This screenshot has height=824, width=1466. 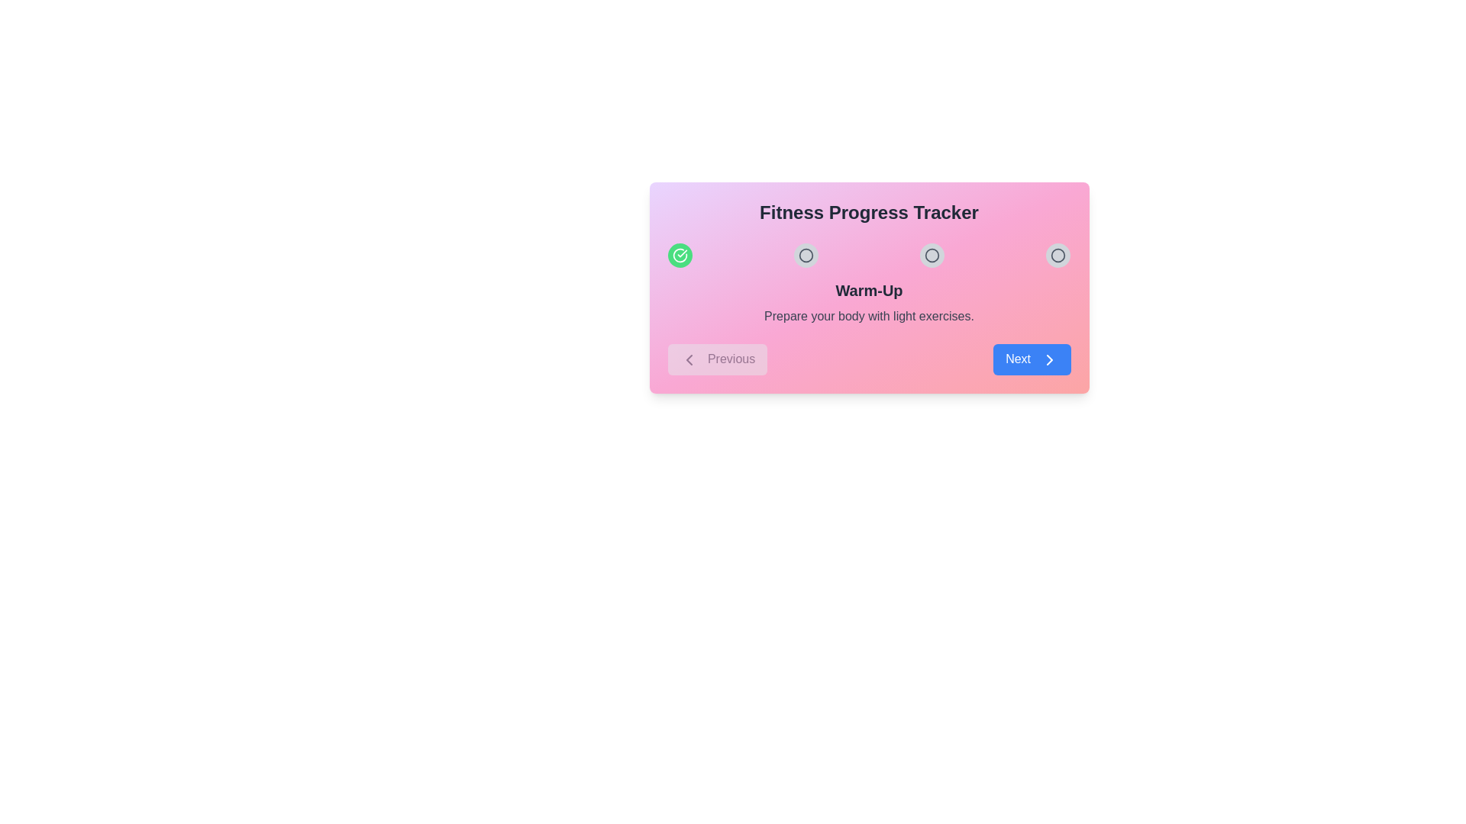 I want to click on the static text label element displaying 'Warm-Up', which is prominently positioned in the fitness tracking section of the UI, so click(x=869, y=291).